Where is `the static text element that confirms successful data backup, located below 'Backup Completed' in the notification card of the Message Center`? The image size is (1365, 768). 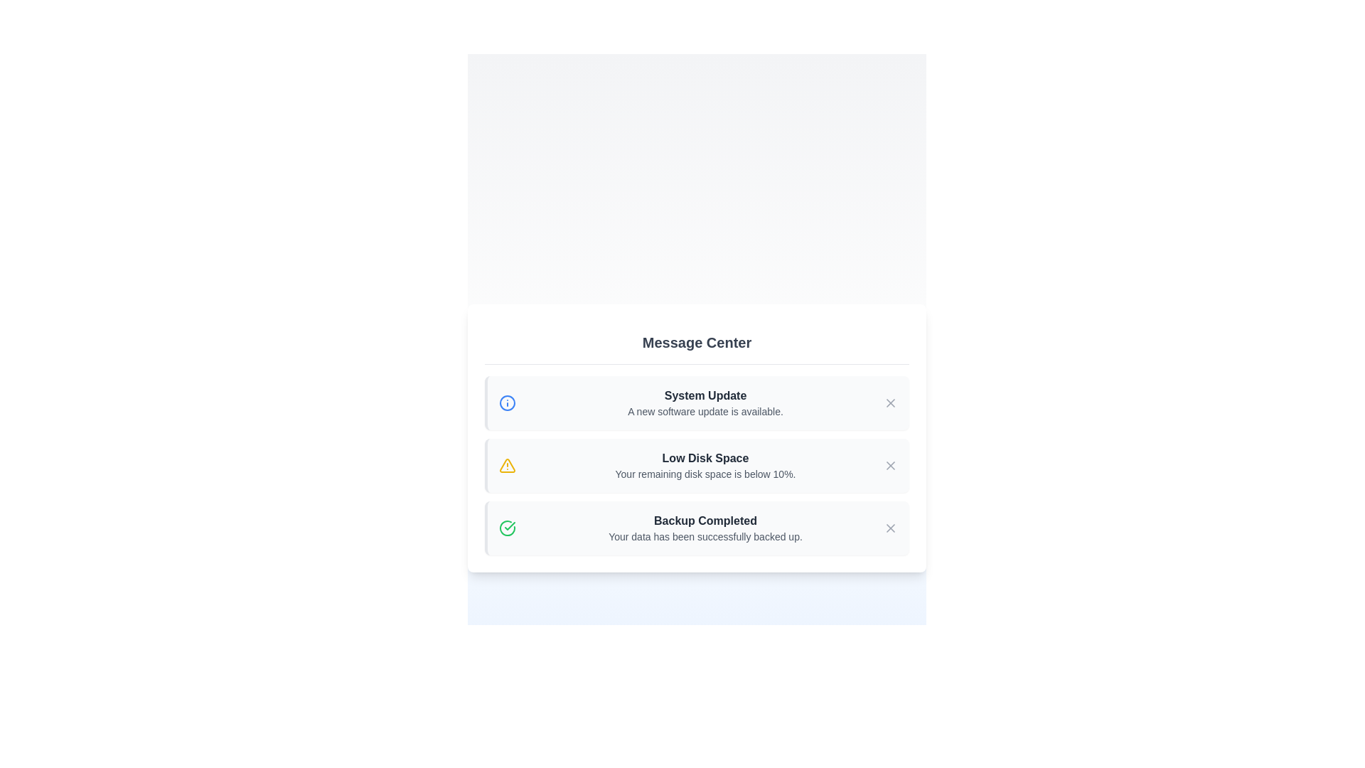 the static text element that confirms successful data backup, located below 'Backup Completed' in the notification card of the Message Center is located at coordinates (705, 536).